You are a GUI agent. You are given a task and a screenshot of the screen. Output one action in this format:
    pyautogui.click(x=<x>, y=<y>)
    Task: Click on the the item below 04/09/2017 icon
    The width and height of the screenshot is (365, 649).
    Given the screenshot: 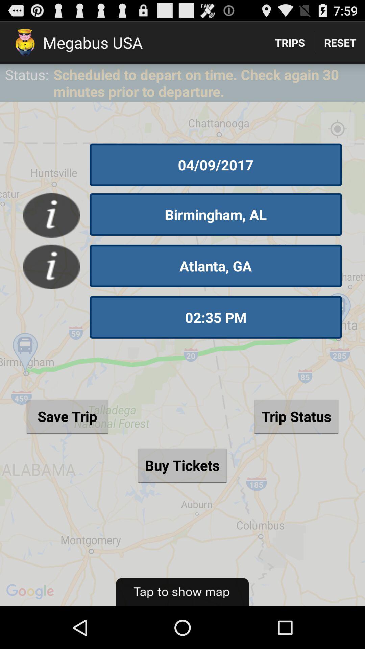 What is the action you would take?
    pyautogui.click(x=216, y=214)
    